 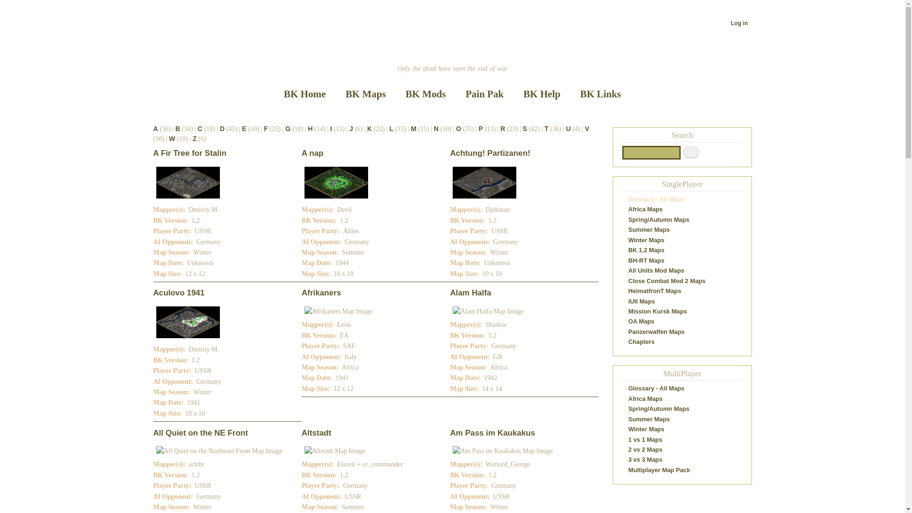 I want to click on 'All Units Mod Maps', so click(x=628, y=270).